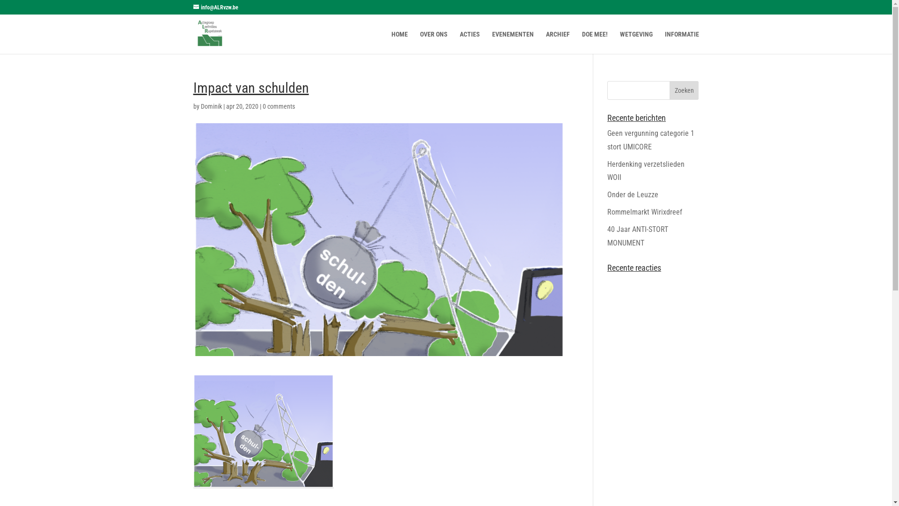 This screenshot has width=899, height=506. Describe the element at coordinates (581, 42) in the screenshot. I see `'DOE MEE!'` at that location.